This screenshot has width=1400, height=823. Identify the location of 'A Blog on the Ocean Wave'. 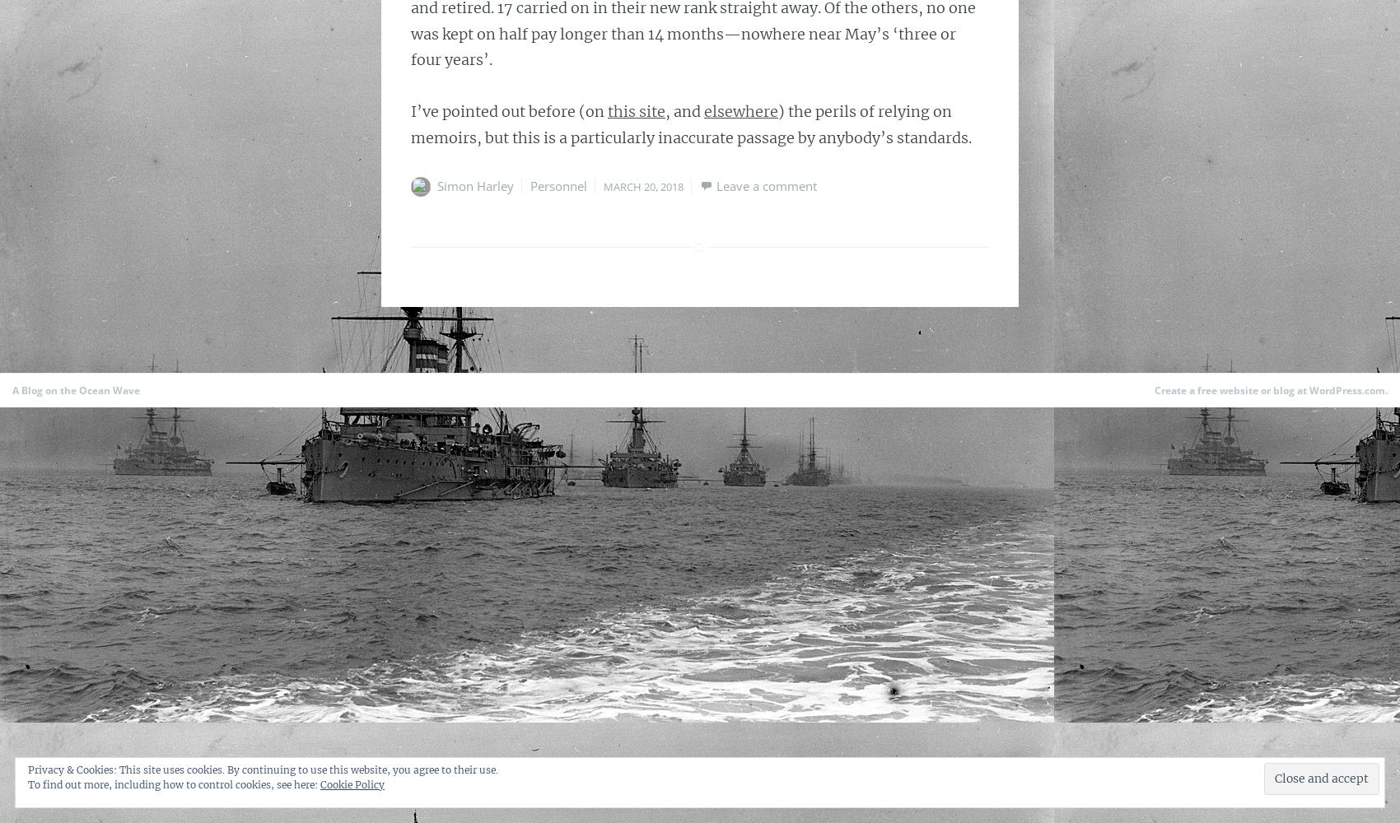
(76, 389).